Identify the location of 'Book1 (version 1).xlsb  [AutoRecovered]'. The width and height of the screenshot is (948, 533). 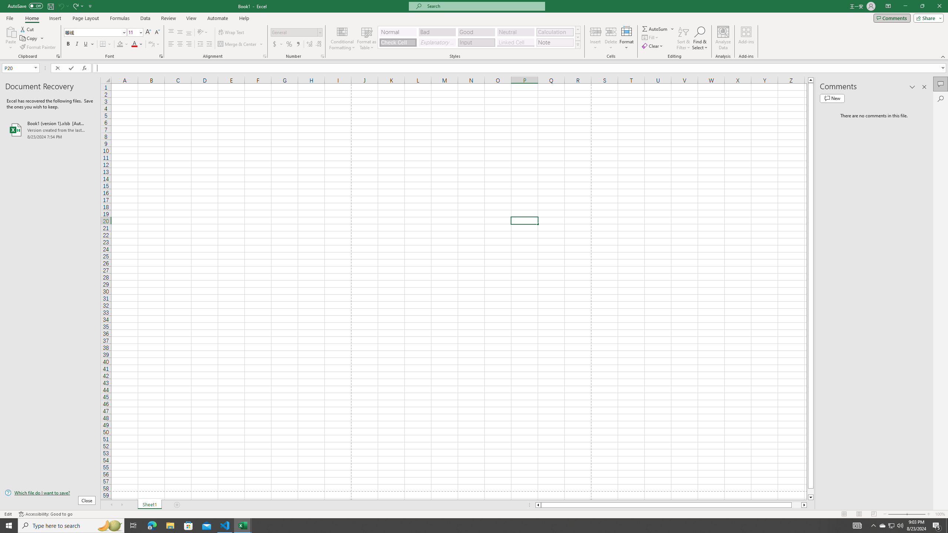
(50, 129).